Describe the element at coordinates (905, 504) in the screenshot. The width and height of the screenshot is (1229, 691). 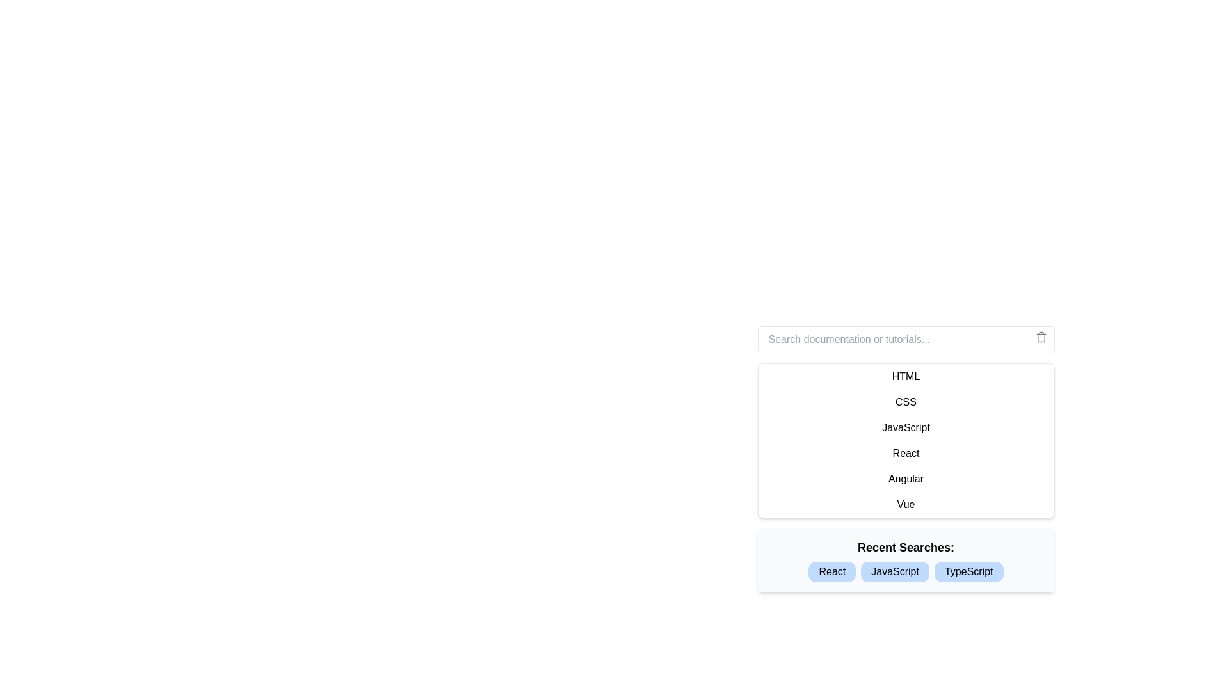
I see `the 'Vue' menu item, the last item in a vertical list of options including 'HTML', 'CSS', 'JavaScript', 'React', and 'Angular'` at that location.